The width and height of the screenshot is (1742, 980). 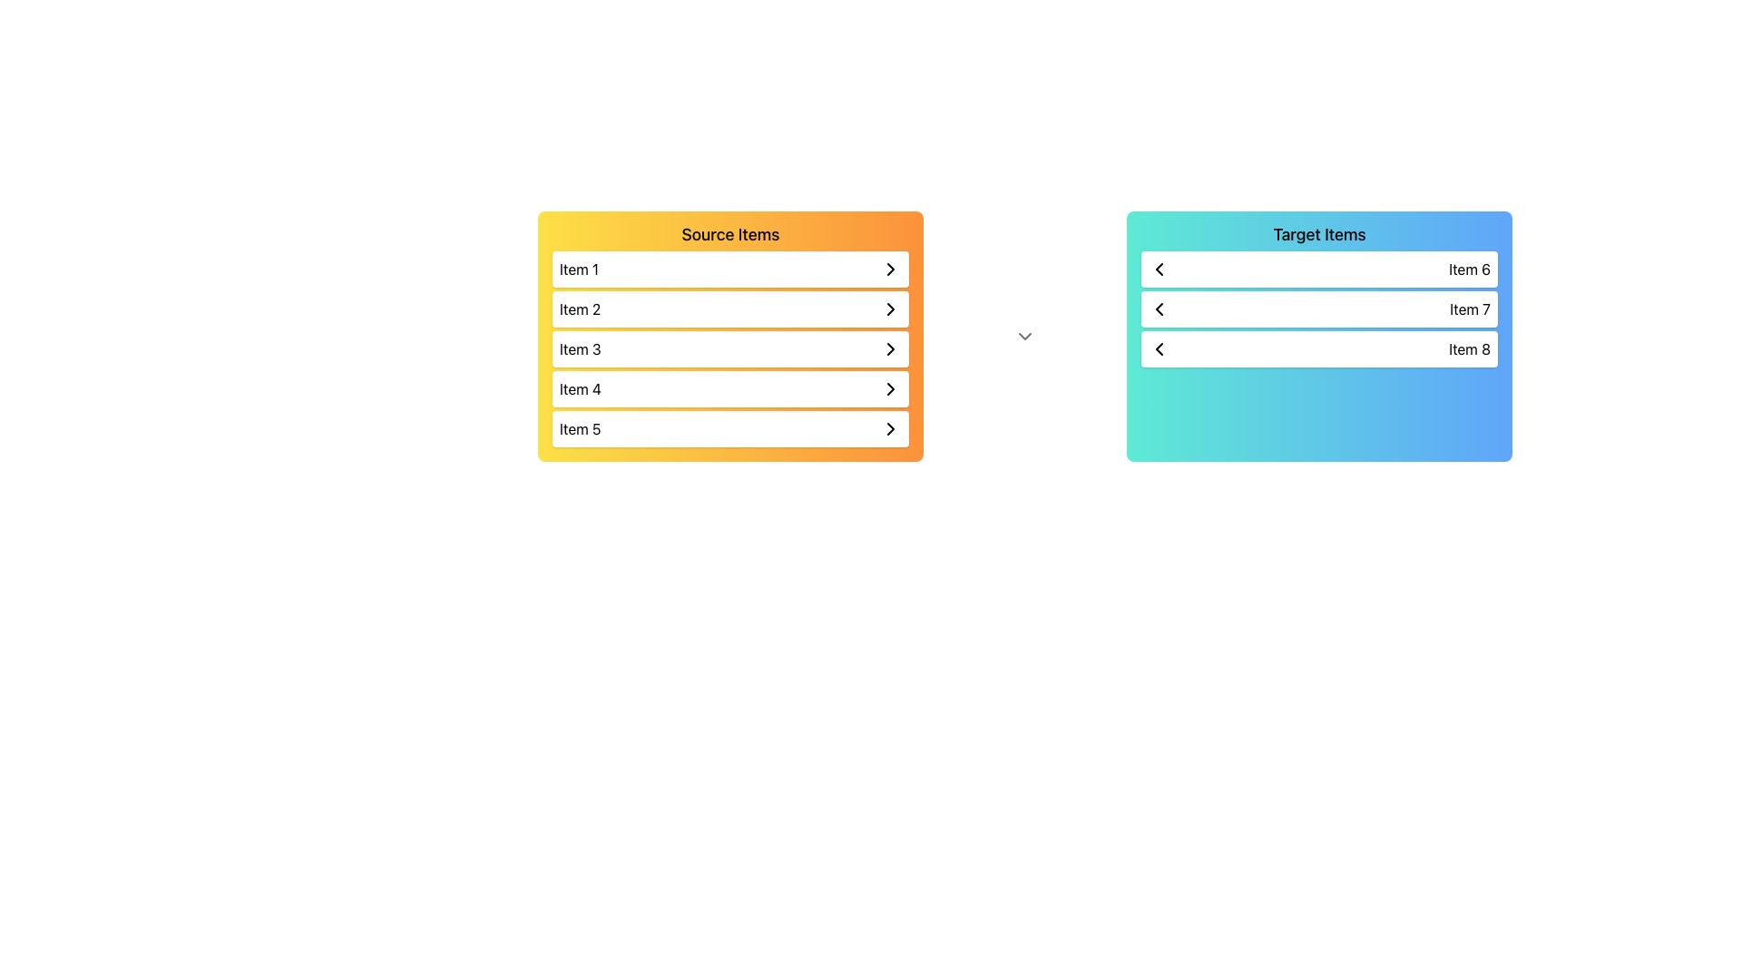 What do you see at coordinates (890, 308) in the screenshot?
I see `the small right-pointing chevron icon at the far-right end of the 'Item 2' row in the 'Source Items' list` at bounding box center [890, 308].